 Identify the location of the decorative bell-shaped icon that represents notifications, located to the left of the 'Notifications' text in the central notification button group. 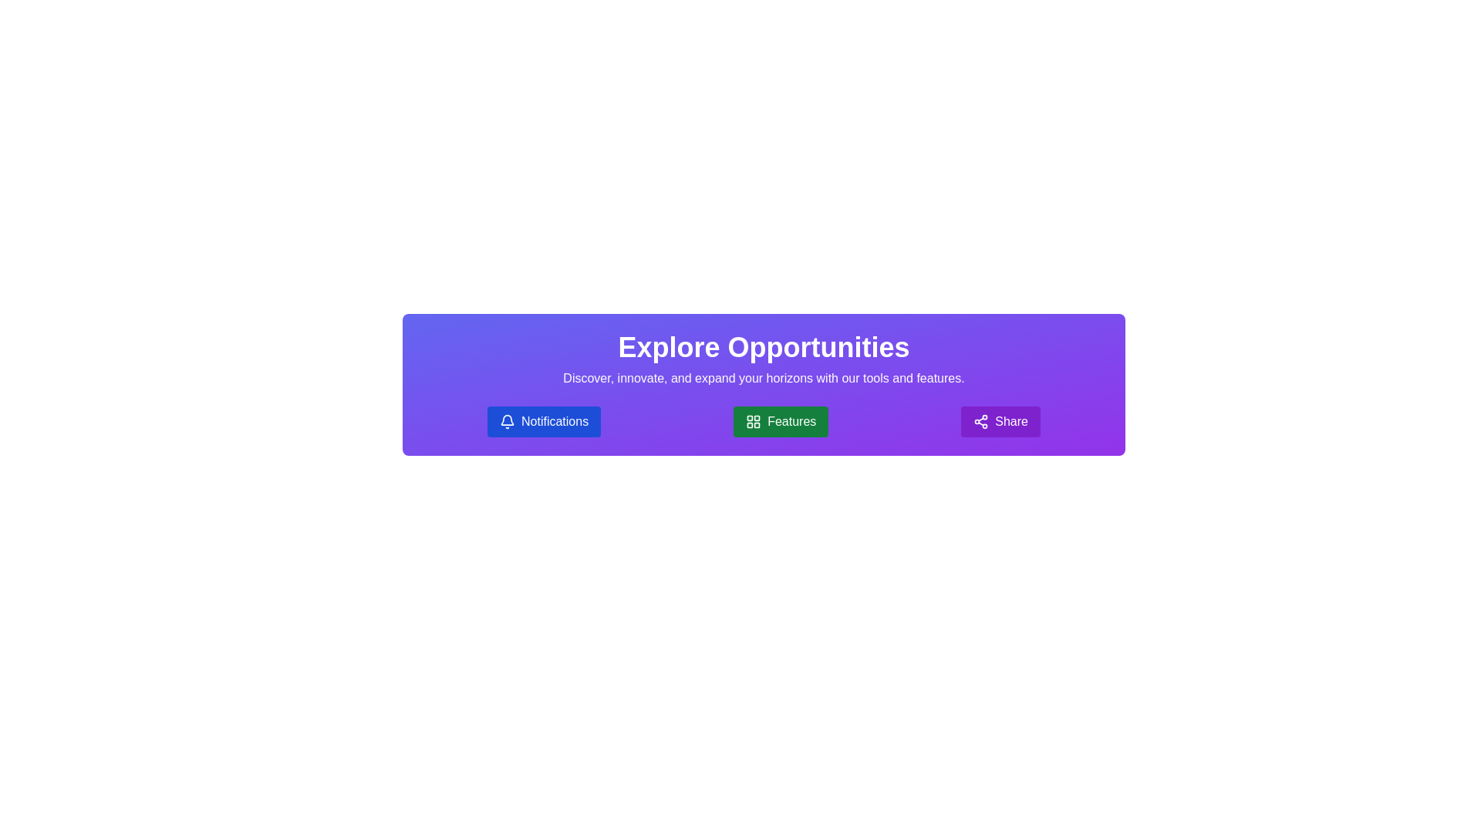
(507, 420).